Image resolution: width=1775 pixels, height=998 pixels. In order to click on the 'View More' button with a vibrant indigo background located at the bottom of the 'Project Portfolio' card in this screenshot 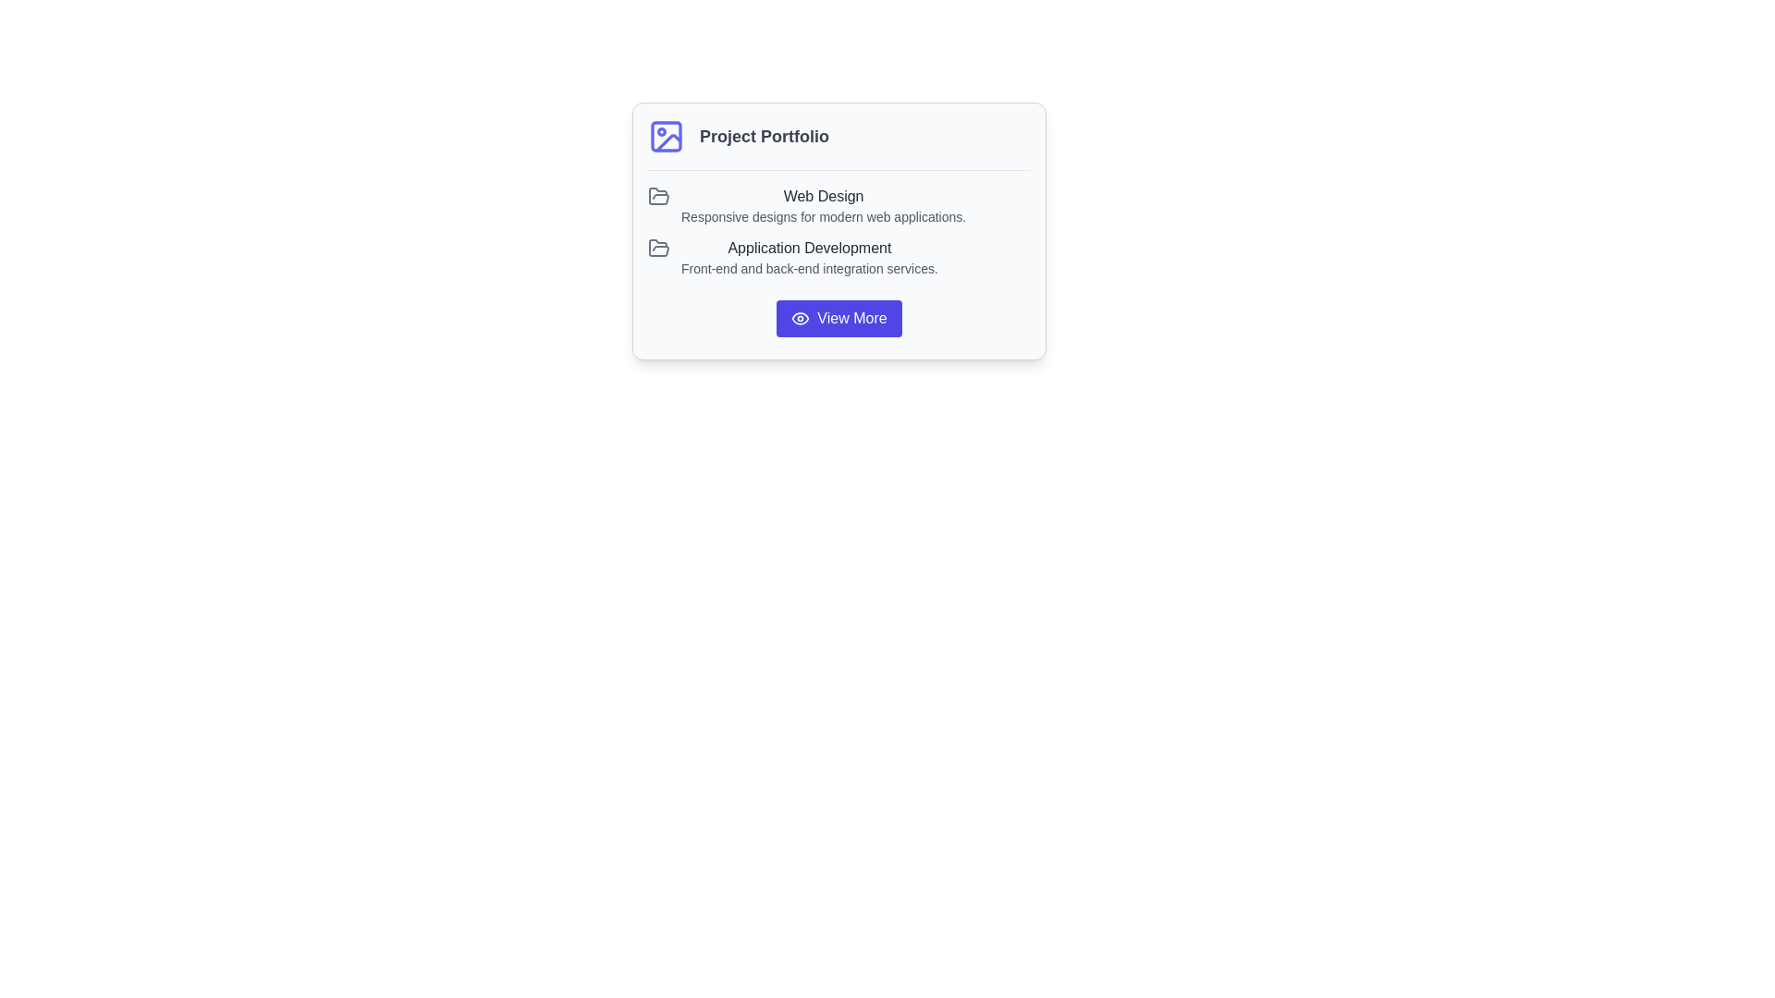, I will do `click(838, 317)`.